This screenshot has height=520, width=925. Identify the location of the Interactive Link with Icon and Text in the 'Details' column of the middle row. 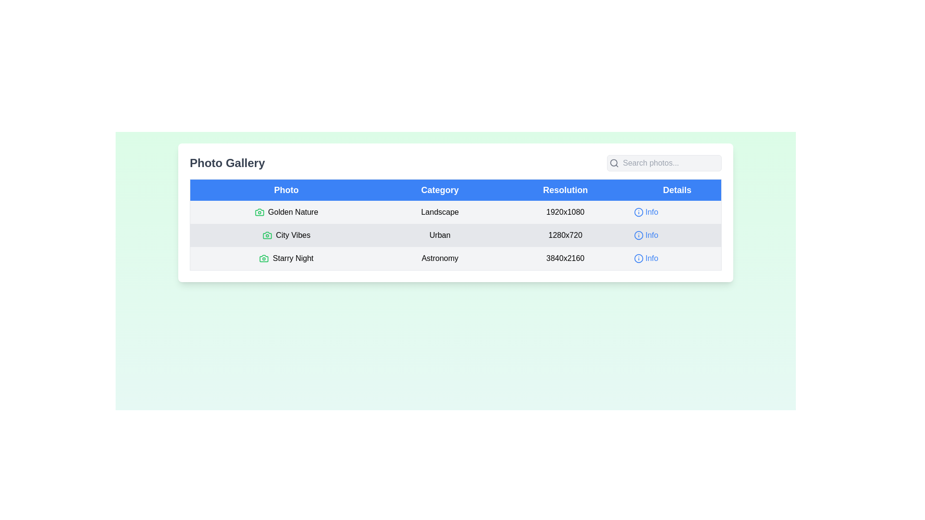
(646, 235).